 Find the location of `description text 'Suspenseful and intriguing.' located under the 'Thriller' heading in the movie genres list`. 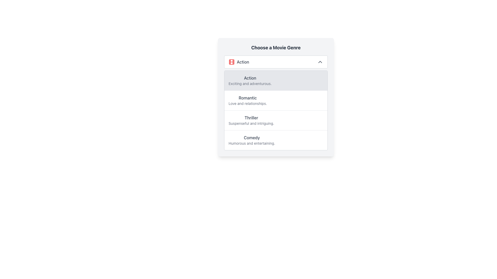

description text 'Suspenseful and intriguing.' located under the 'Thriller' heading in the movie genres list is located at coordinates (251, 123).